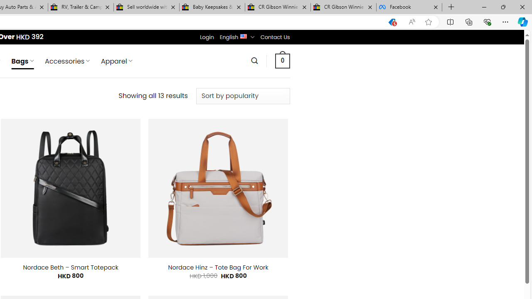 The height and width of the screenshot is (299, 532). Describe the element at coordinates (243, 35) in the screenshot. I see `'English'` at that location.